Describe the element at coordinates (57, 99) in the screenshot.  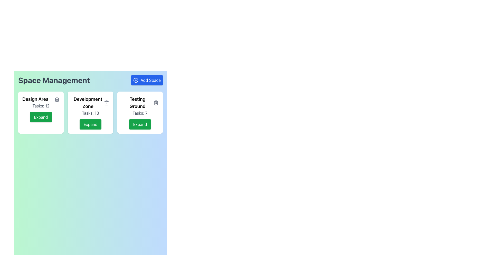
I see `the trash can icon button, which is a gray outline illustration of a trash bin located in the upper-right corner of the card labeled 'Design Area'` at that location.